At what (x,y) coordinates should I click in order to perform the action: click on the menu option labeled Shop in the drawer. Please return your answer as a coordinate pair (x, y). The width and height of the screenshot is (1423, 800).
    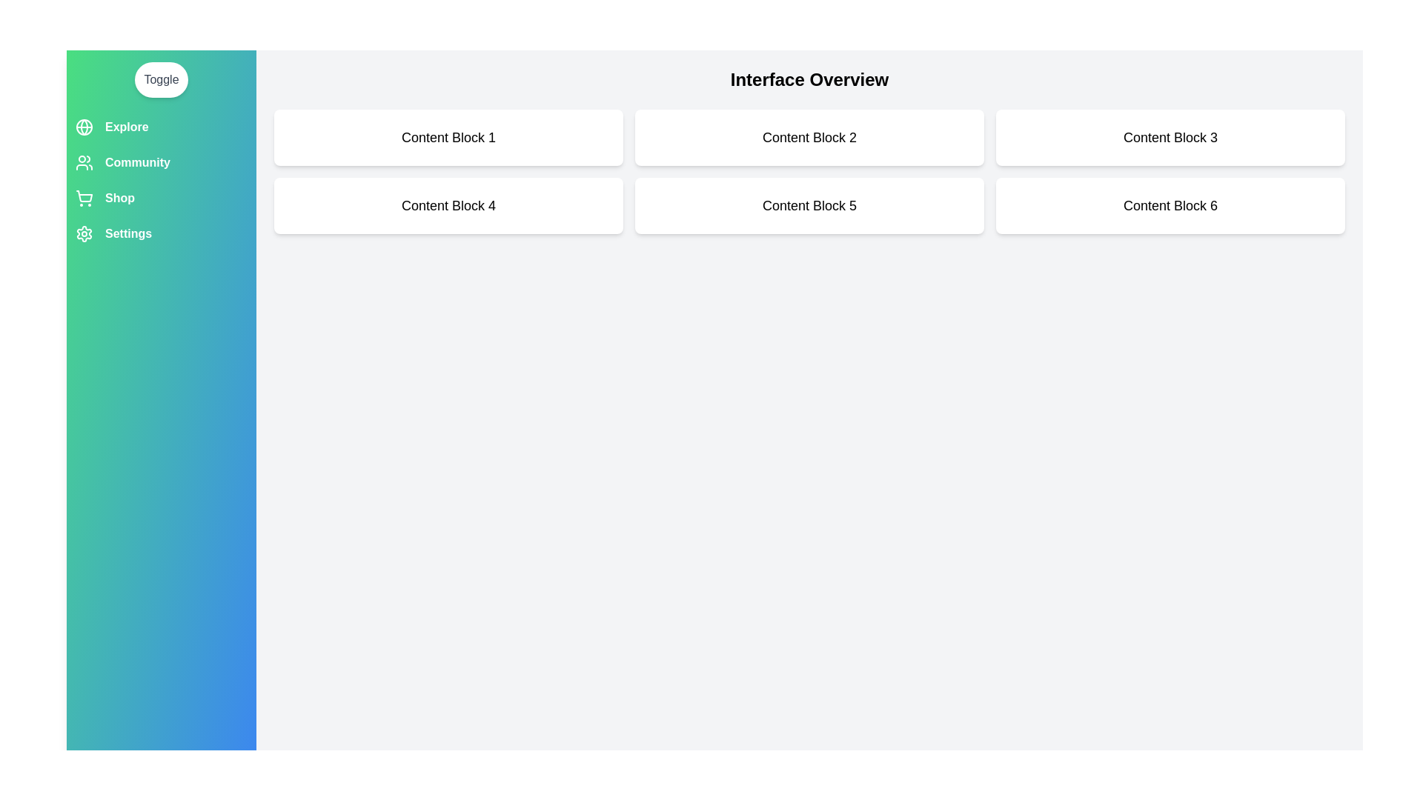
    Looking at the image, I should click on (161, 197).